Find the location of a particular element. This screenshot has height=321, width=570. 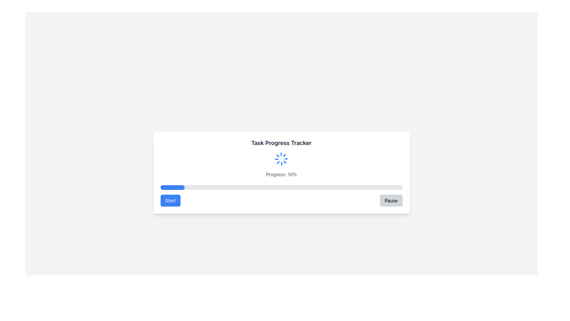

the blue rectangular button labeled 'Start' with rounded corners located on the left side of the layout is located at coordinates (170, 201).